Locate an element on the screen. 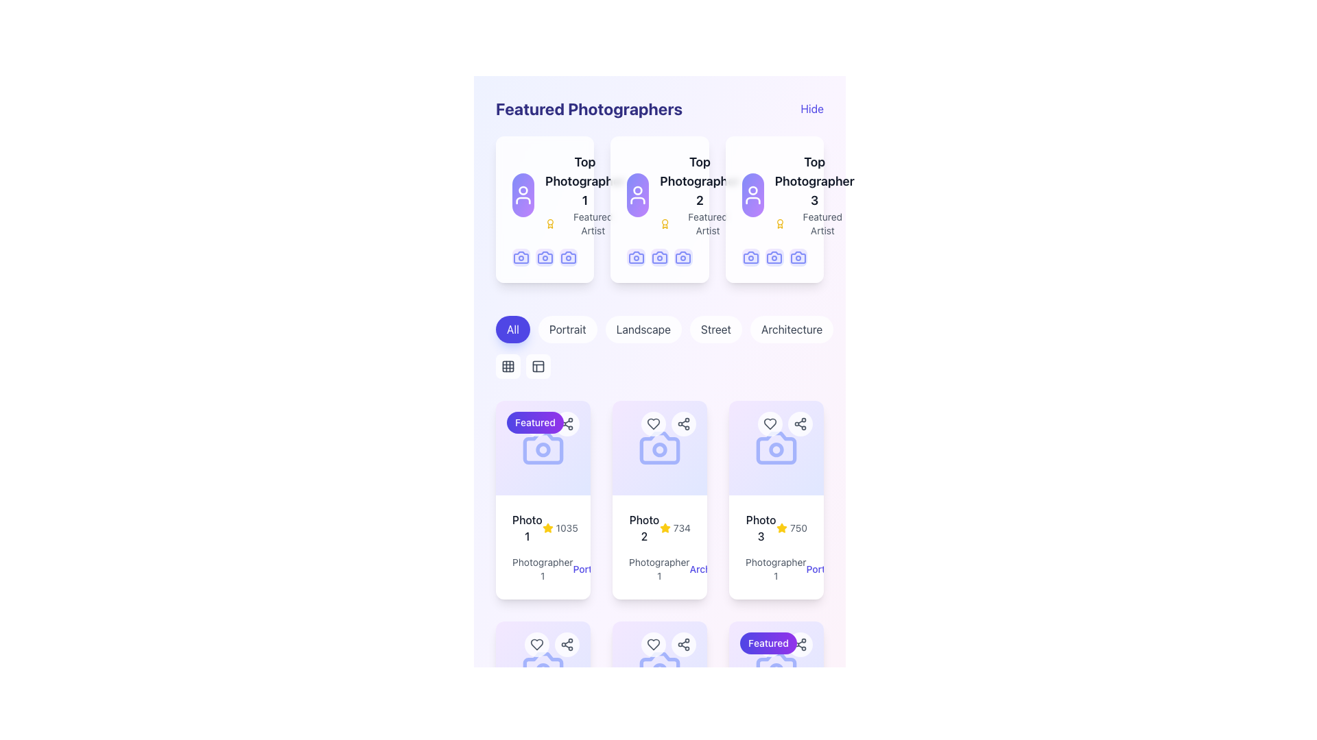 The height and width of the screenshot is (740, 1317). the numerical value text element located within a card-like layout on the left side of the third row, which follows a yellow star icon is located at coordinates (567, 528).